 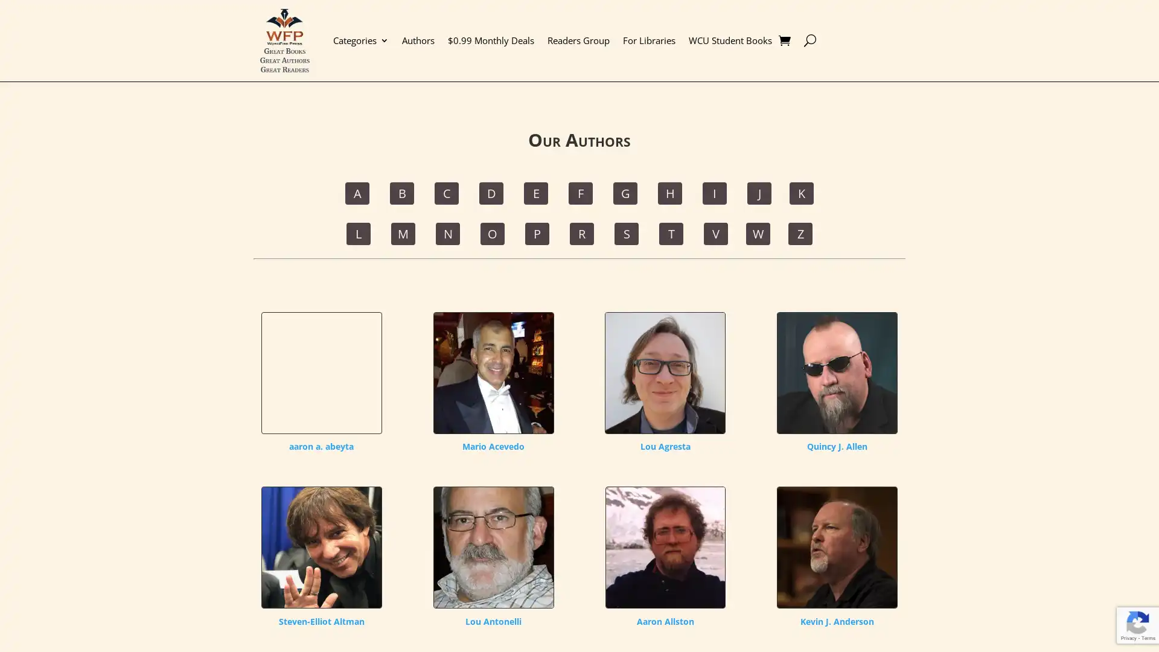 I want to click on E, so click(x=535, y=192).